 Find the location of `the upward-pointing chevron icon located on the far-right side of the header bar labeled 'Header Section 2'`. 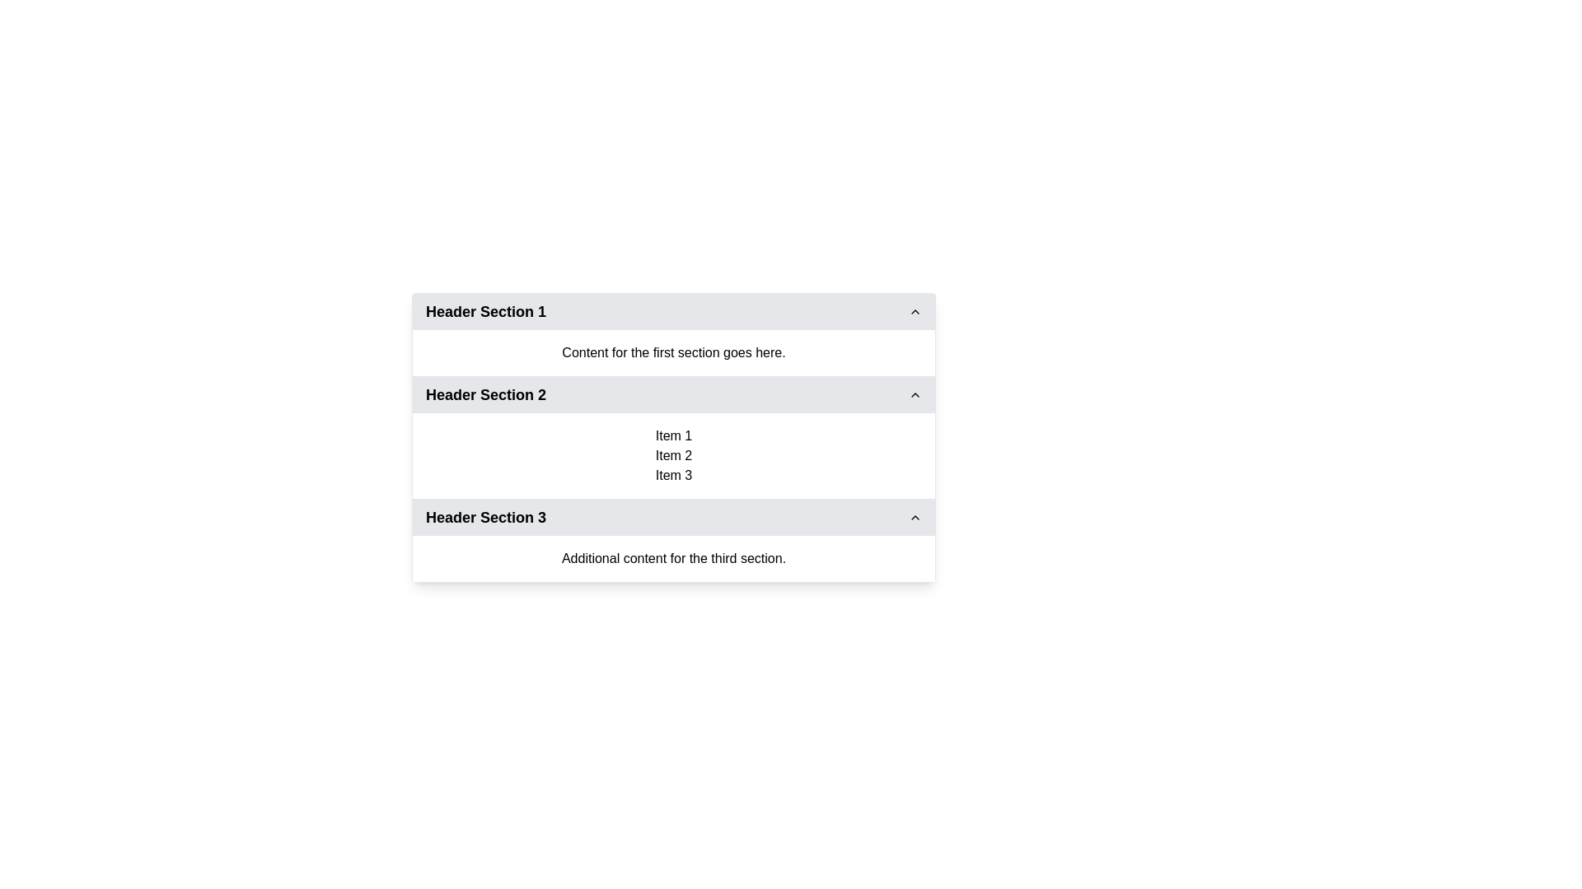

the upward-pointing chevron icon located on the far-right side of the header bar labeled 'Header Section 2' is located at coordinates (914, 394).